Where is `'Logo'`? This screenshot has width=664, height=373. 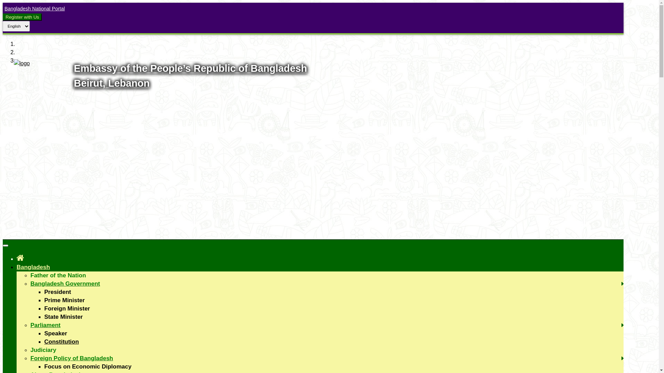 'Logo' is located at coordinates (21, 63).